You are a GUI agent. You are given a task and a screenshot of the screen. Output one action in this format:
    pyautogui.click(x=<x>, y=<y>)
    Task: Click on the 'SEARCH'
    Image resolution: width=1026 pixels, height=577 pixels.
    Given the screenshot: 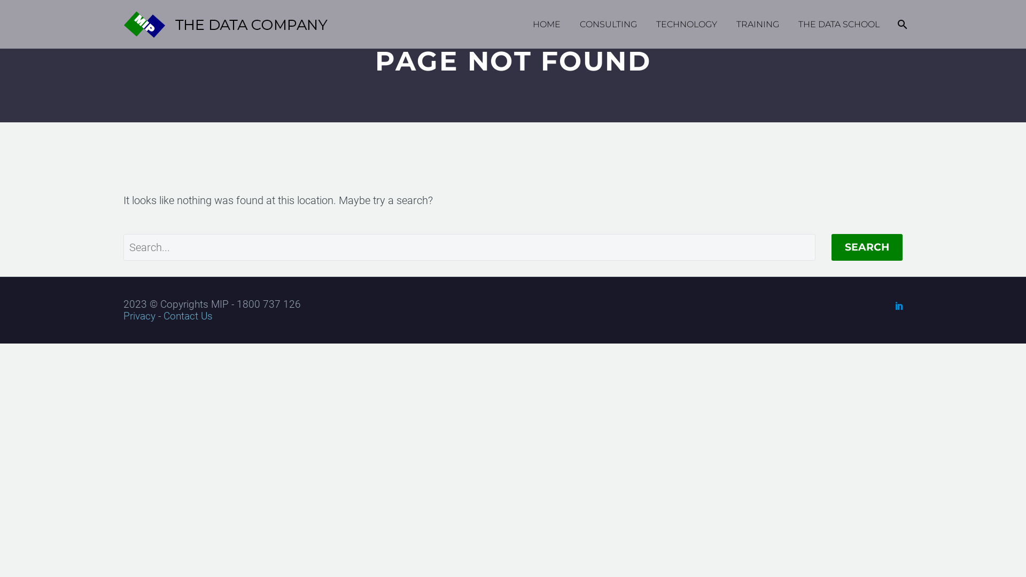 What is the action you would take?
    pyautogui.click(x=830, y=247)
    